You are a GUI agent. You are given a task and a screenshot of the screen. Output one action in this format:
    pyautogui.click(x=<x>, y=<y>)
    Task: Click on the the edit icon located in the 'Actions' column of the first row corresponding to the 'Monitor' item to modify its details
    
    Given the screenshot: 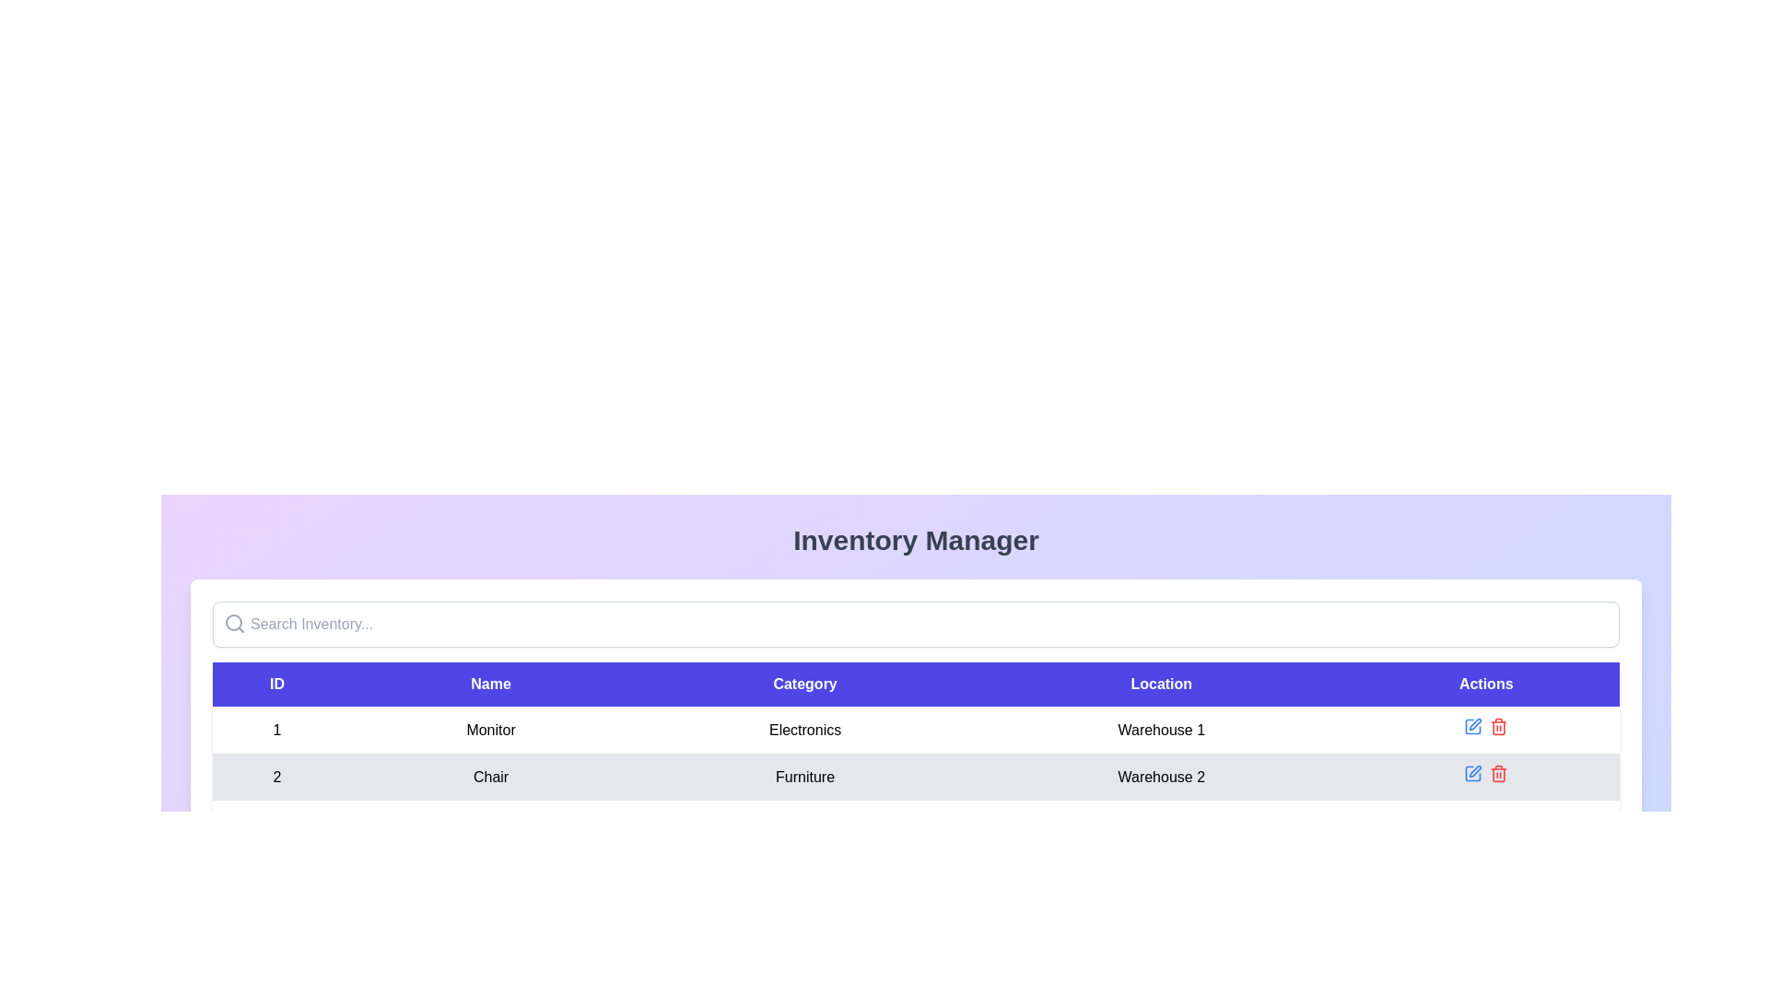 What is the action you would take?
    pyautogui.click(x=1475, y=723)
    